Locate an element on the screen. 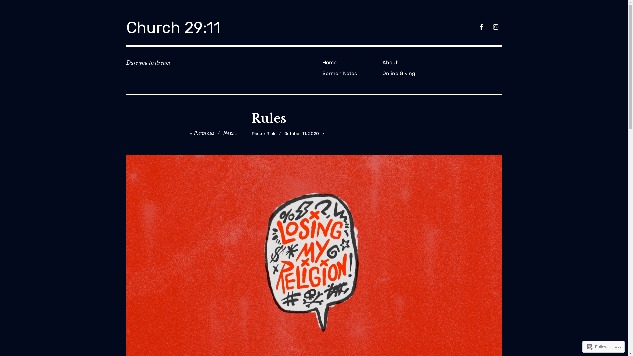 Image resolution: width=633 pixels, height=356 pixels. 'Next' is located at coordinates (230, 133).